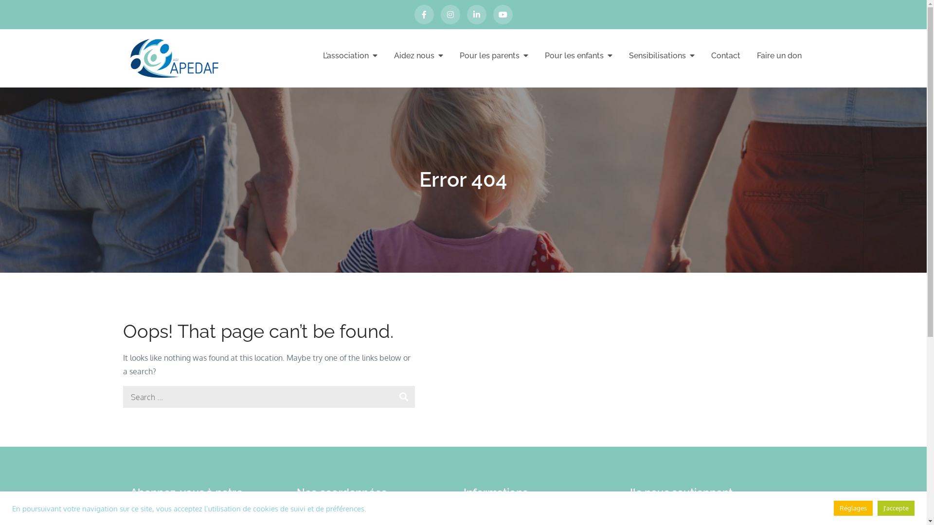 The height and width of the screenshot is (525, 934). What do you see at coordinates (418, 55) in the screenshot?
I see `'Aidez nous'` at bounding box center [418, 55].